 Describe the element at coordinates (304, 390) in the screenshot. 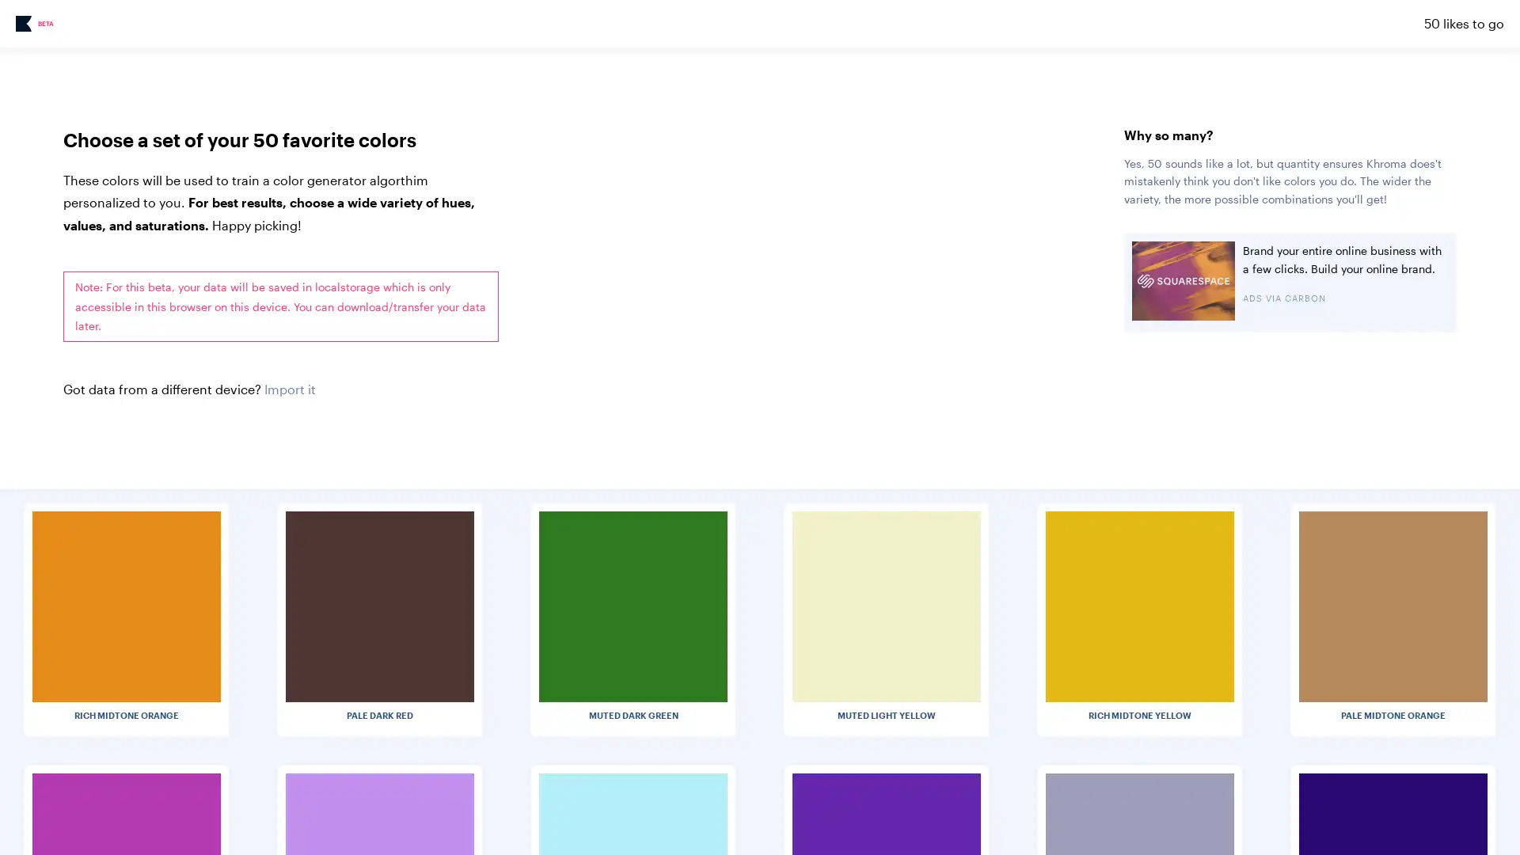

I see `Choose File` at that location.